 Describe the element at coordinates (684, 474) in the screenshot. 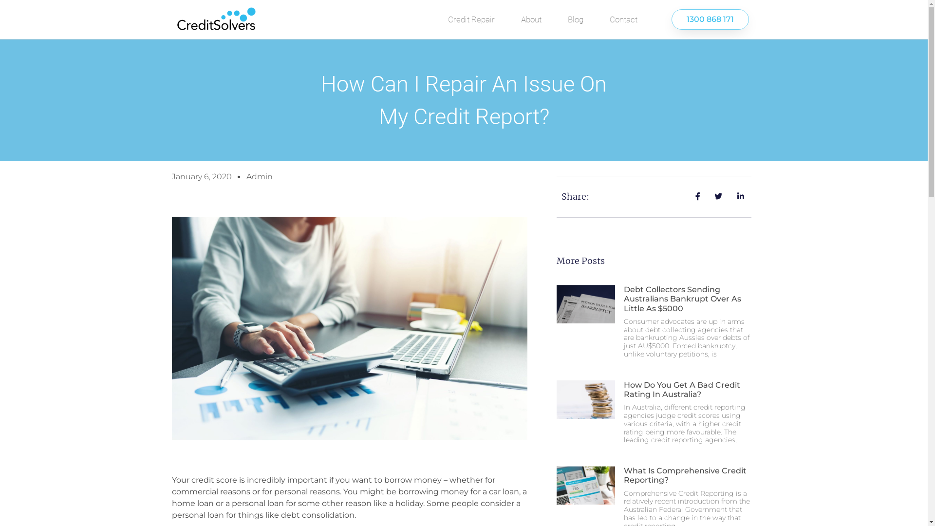

I see `'What Is Comprehensive Credit Reporting?'` at that location.